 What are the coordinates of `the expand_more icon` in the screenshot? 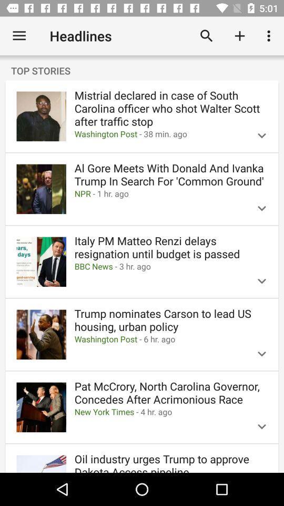 It's located at (261, 354).